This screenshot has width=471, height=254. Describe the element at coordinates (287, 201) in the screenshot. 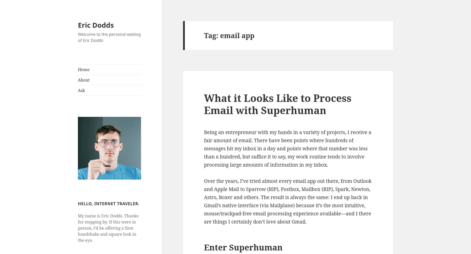

I see `'Over the years, I’ve tried almost every email app out there, from Outlook and Apple Mail to Sparrow (RIP), Postbox, Mailbox (RIP), Spark, Newton, Astro, Boxer and others. The result is always the same: I end up back in Gmail’s native interface (via Mailplane) because it’s the most intuitive, mouse/trackpad-free email processing experience available—and I there are things I certainly don’t love about Gmail.'` at that location.